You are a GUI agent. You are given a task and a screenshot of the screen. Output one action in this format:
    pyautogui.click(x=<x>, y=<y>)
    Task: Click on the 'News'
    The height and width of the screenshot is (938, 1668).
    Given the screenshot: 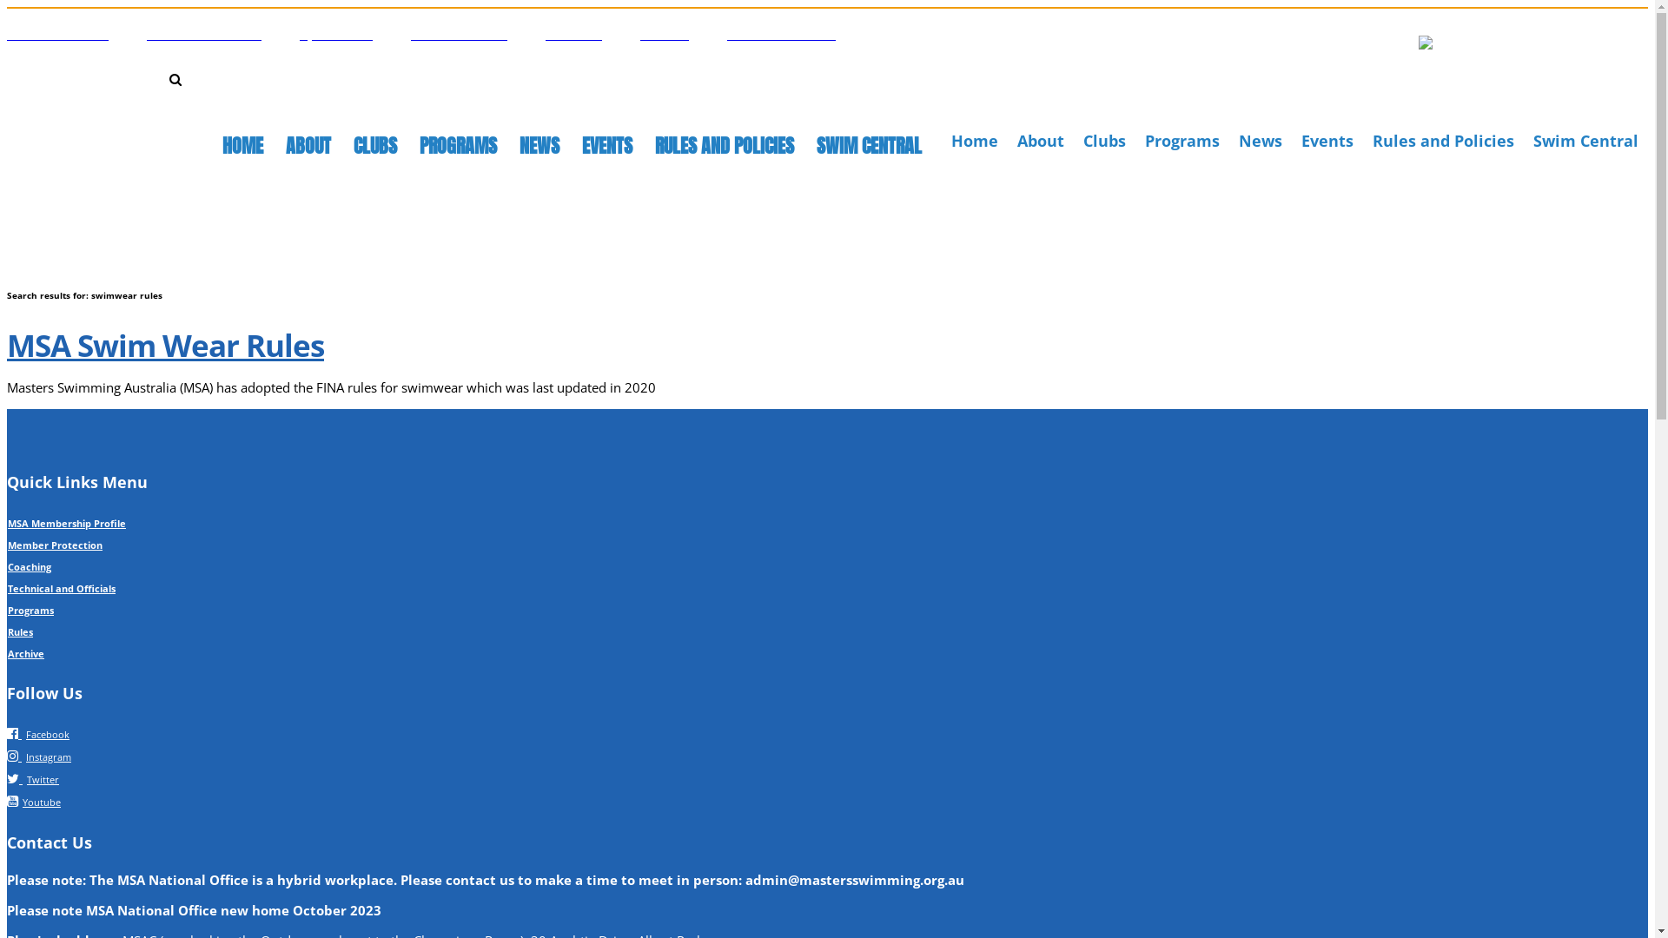 What is the action you would take?
    pyautogui.click(x=1260, y=140)
    